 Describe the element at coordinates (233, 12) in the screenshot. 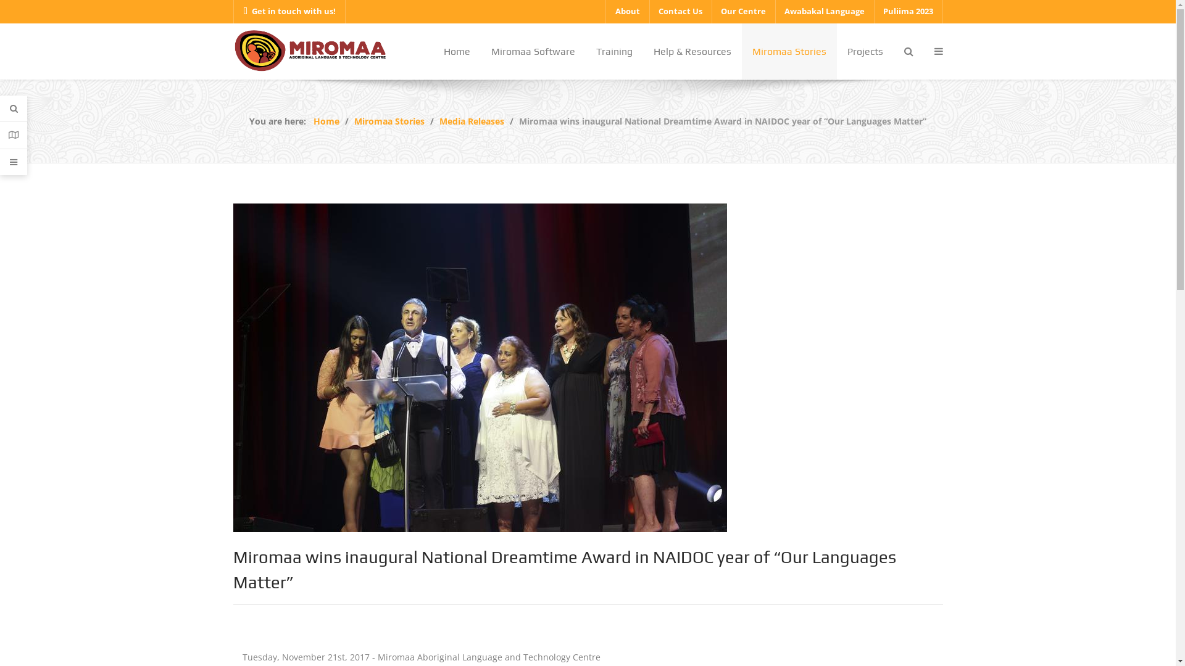

I see `'Get in touch with us!'` at that location.